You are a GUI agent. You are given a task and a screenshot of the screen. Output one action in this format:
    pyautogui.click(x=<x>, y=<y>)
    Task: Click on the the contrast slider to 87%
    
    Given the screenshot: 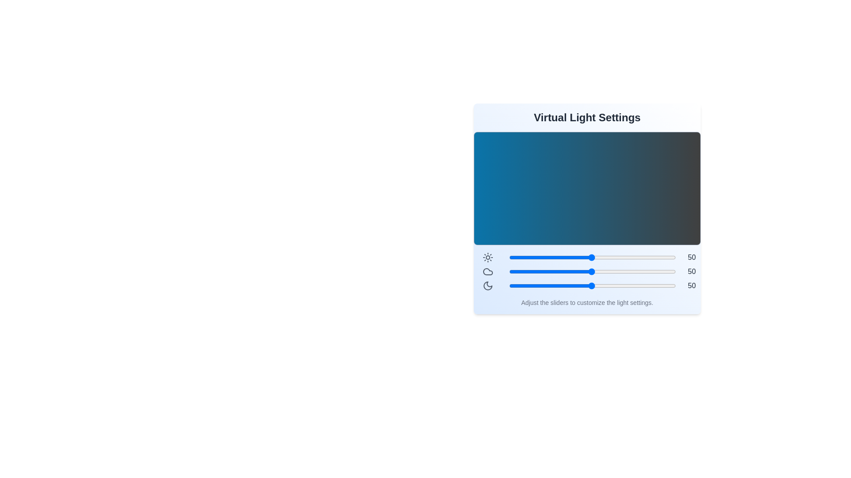 What is the action you would take?
    pyautogui.click(x=654, y=258)
    